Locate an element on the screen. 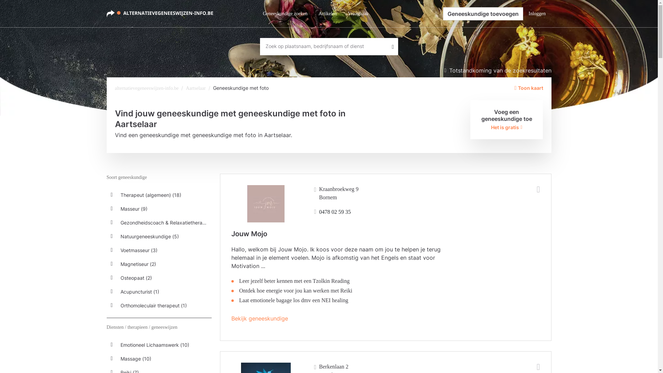 This screenshot has height=373, width=663. 'Massage (10)' is located at coordinates (158, 358).